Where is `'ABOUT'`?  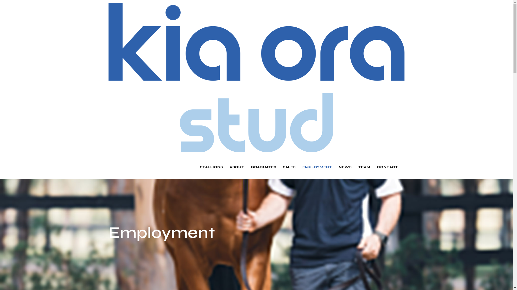 'ABOUT' is located at coordinates (229, 166).